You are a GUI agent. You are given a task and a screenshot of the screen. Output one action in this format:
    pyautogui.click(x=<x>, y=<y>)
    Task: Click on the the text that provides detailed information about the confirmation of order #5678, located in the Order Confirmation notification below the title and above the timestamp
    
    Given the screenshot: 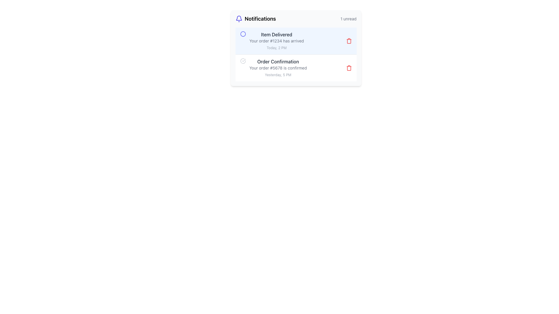 What is the action you would take?
    pyautogui.click(x=278, y=68)
    